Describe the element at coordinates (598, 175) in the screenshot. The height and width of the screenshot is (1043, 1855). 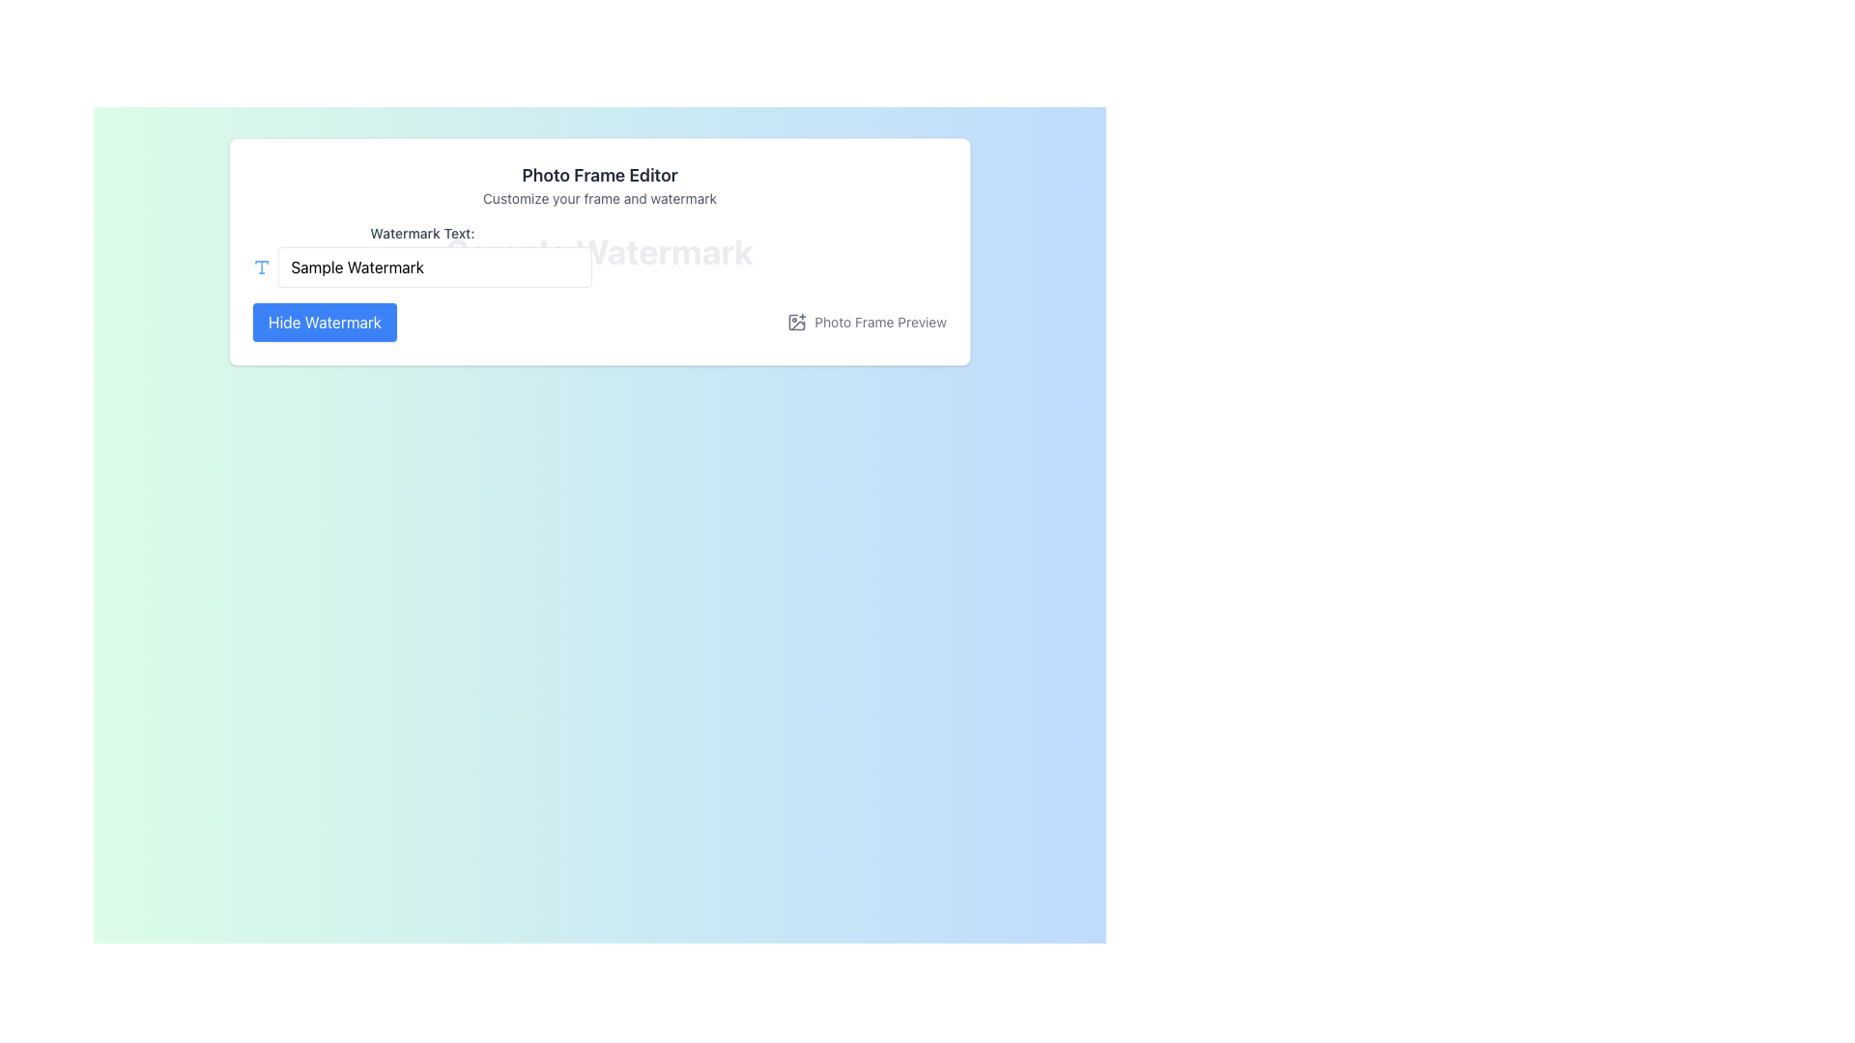
I see `the heading 'Photo Frame Editor' which indicates the functionality related to editing photo frames` at that location.